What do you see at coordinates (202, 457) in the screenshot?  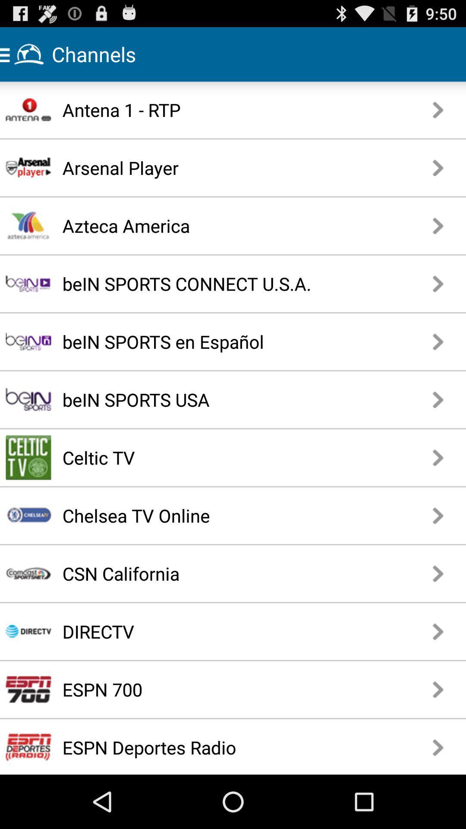 I see `the item below the bein sports usa` at bounding box center [202, 457].